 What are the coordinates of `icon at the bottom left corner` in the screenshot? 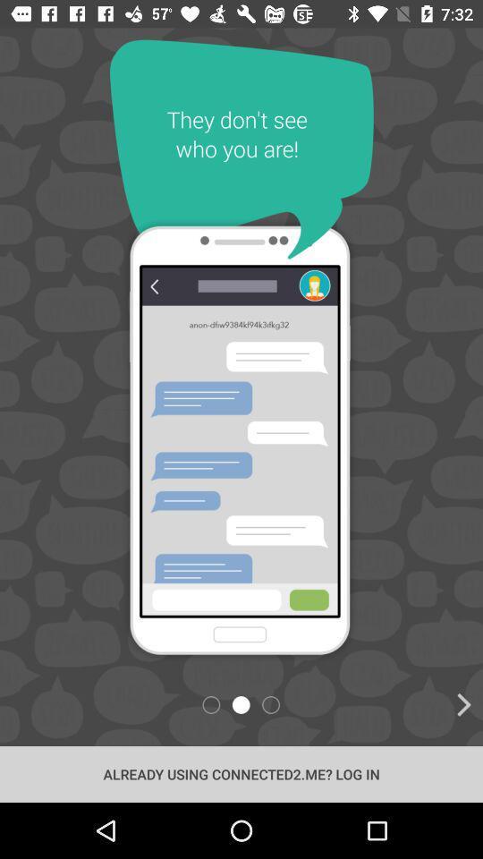 It's located at (104, 704).